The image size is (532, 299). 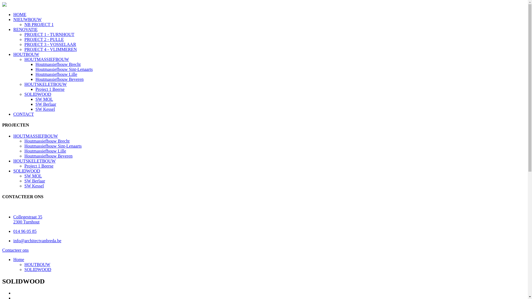 I want to click on 'PROJECT 3 - VOSSELAAR', so click(x=50, y=44).